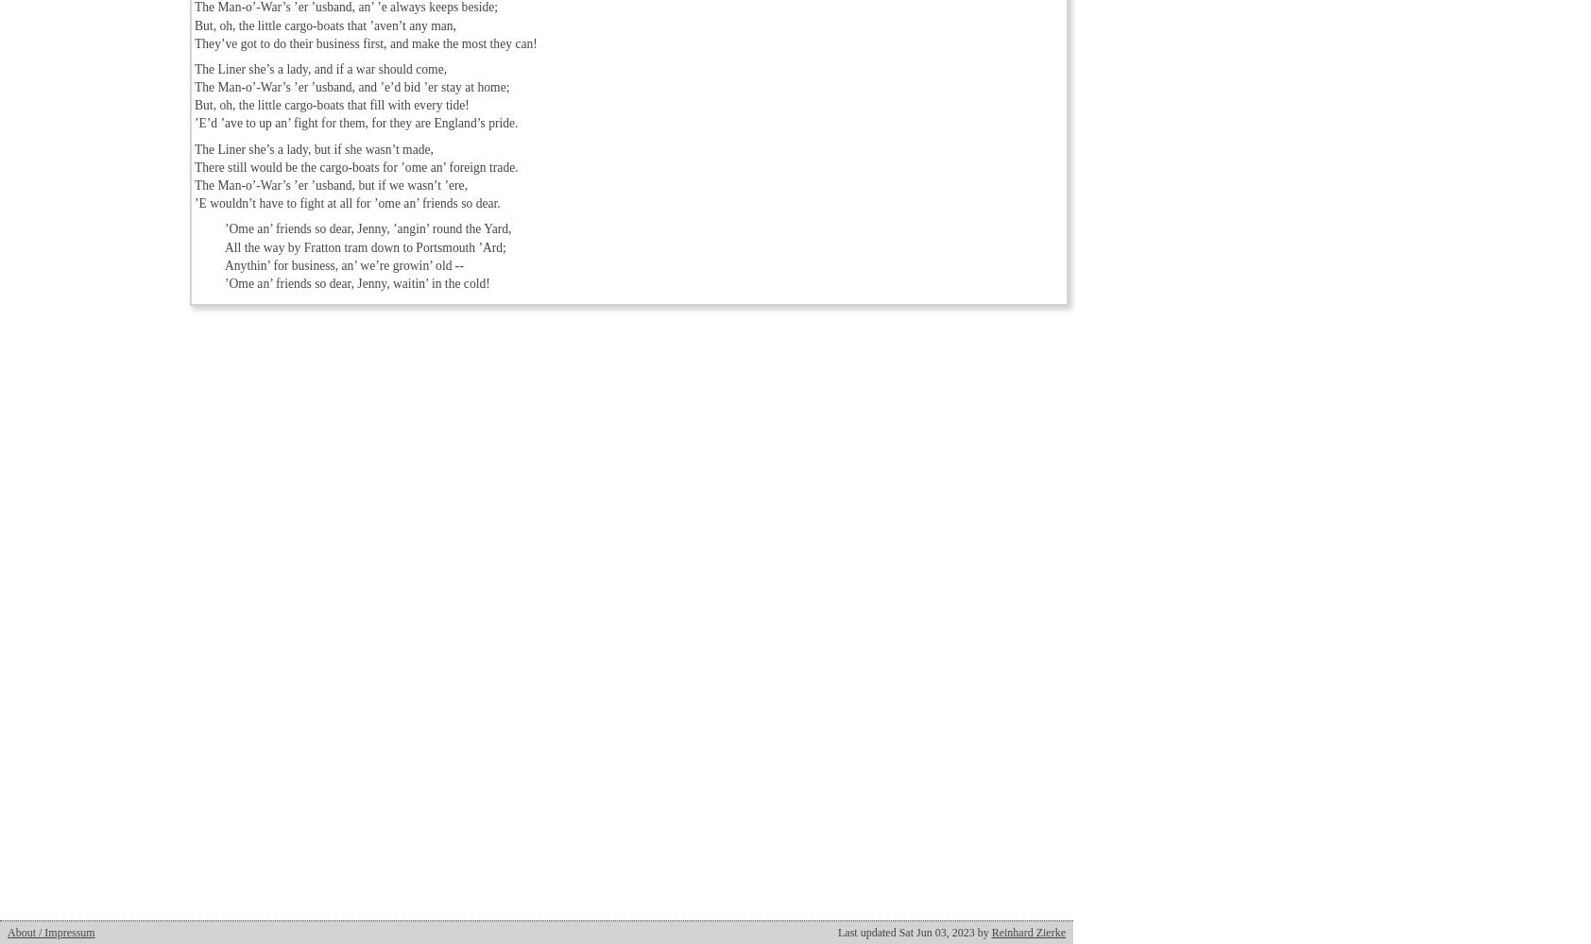  Describe the element at coordinates (357, 282) in the screenshot. I see `'’Ome an’ friends so dear, Jenny, waitin’ in the cold!'` at that location.